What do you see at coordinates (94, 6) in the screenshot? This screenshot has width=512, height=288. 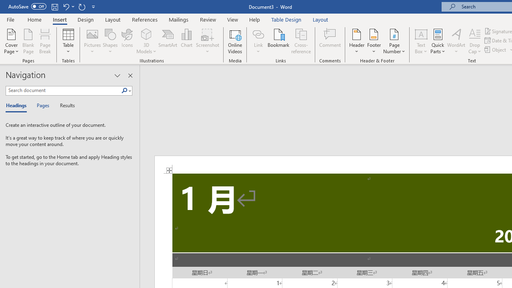 I see `'Customize Quick Access Toolbar'` at bounding box center [94, 6].